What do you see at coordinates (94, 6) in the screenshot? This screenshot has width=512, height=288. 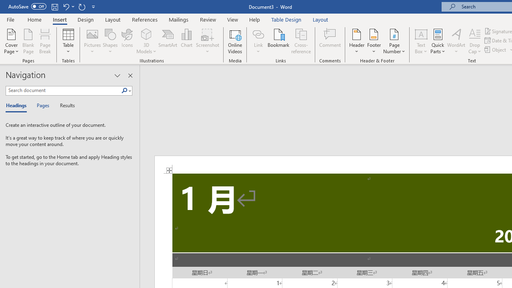 I see `'Customize Quick Access Toolbar'` at bounding box center [94, 6].